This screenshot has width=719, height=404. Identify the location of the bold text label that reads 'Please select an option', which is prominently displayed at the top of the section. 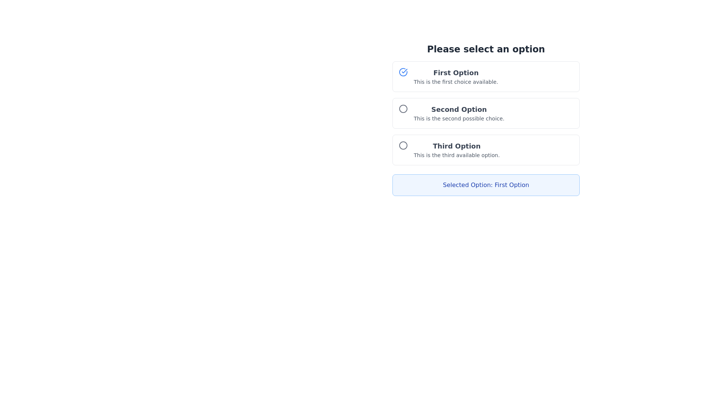
(486, 49).